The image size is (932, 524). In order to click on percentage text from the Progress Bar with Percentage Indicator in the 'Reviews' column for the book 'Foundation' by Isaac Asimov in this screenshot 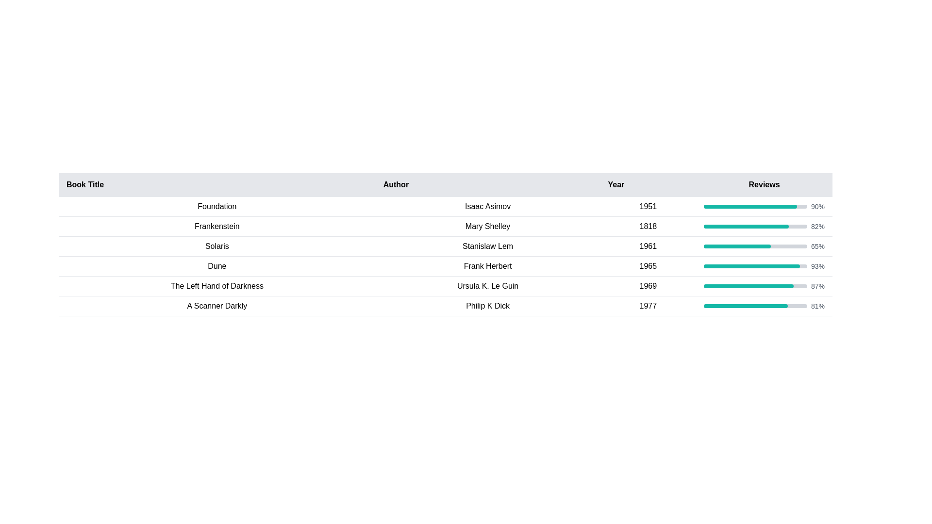, I will do `click(764, 206)`.